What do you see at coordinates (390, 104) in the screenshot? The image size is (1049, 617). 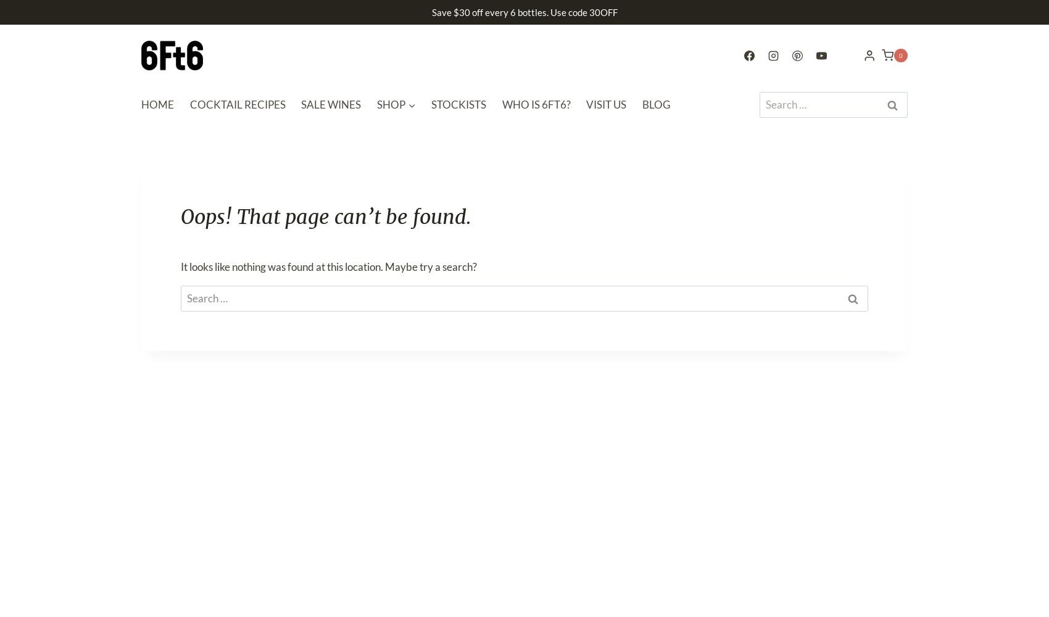 I see `'Shop'` at bounding box center [390, 104].